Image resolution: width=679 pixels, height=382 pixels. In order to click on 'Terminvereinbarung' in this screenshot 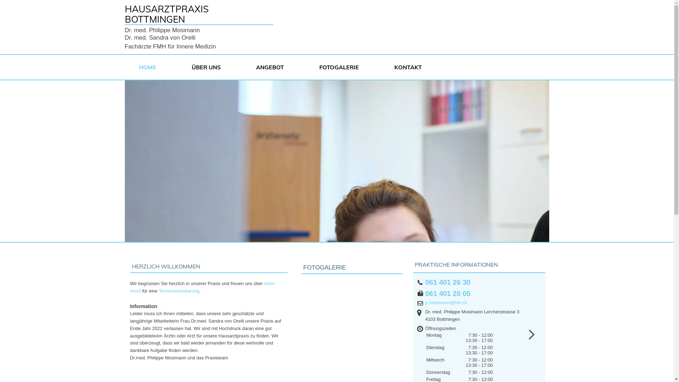, I will do `click(179, 291)`.